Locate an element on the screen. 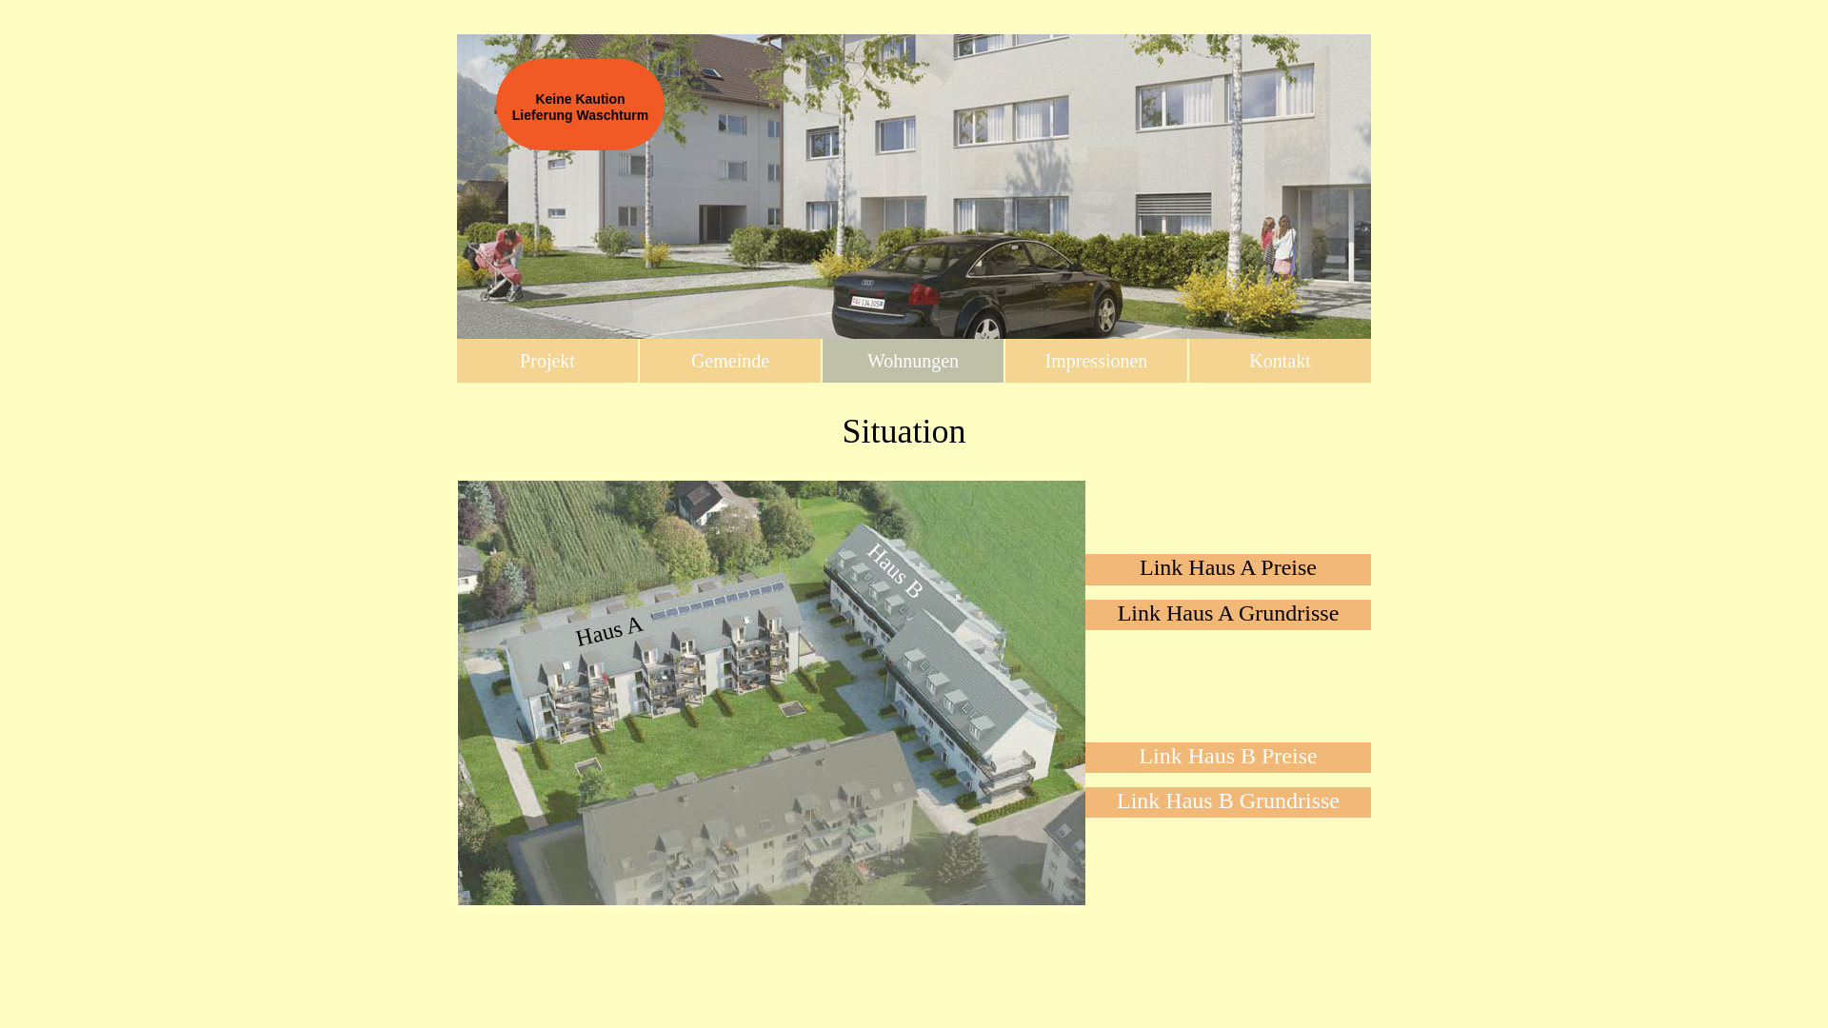 Image resolution: width=1828 pixels, height=1028 pixels. 'Kontakt' is located at coordinates (1280, 360).